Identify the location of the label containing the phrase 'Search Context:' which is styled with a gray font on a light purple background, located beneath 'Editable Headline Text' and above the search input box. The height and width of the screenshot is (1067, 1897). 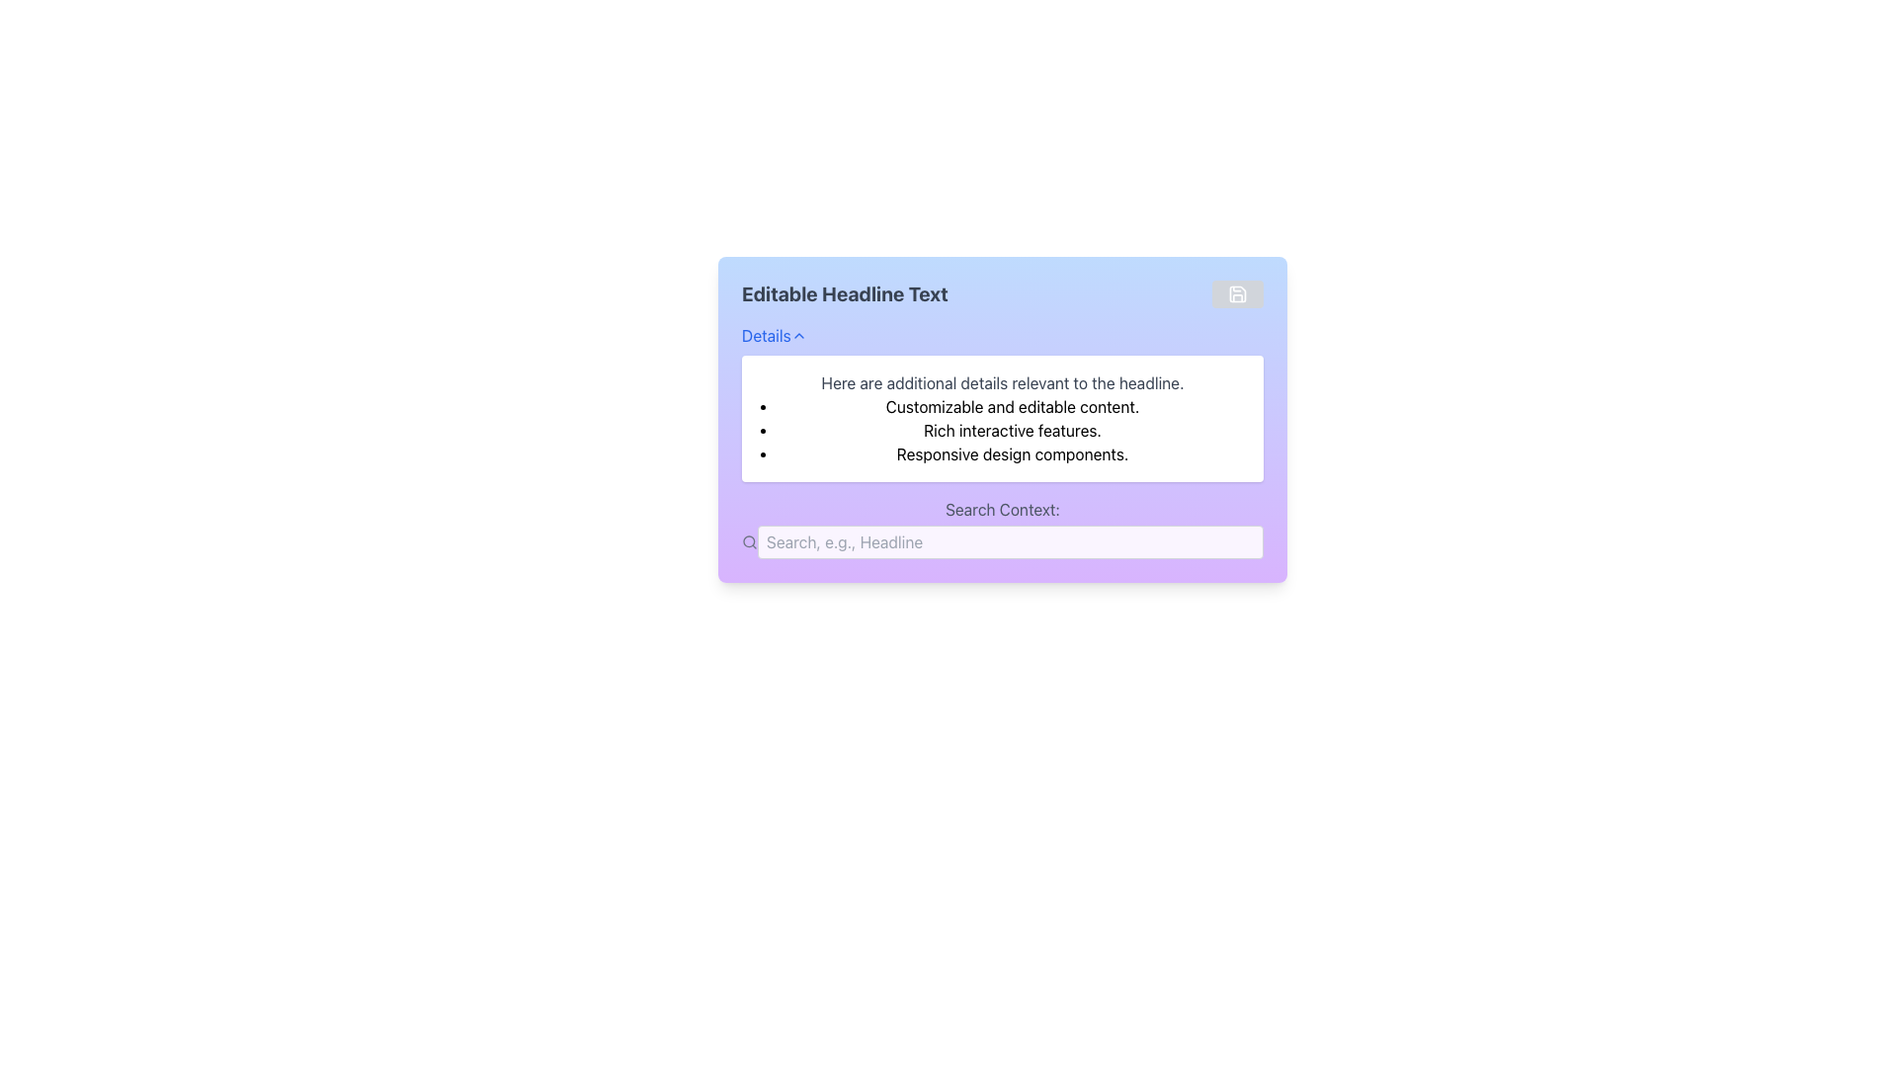
(1002, 528).